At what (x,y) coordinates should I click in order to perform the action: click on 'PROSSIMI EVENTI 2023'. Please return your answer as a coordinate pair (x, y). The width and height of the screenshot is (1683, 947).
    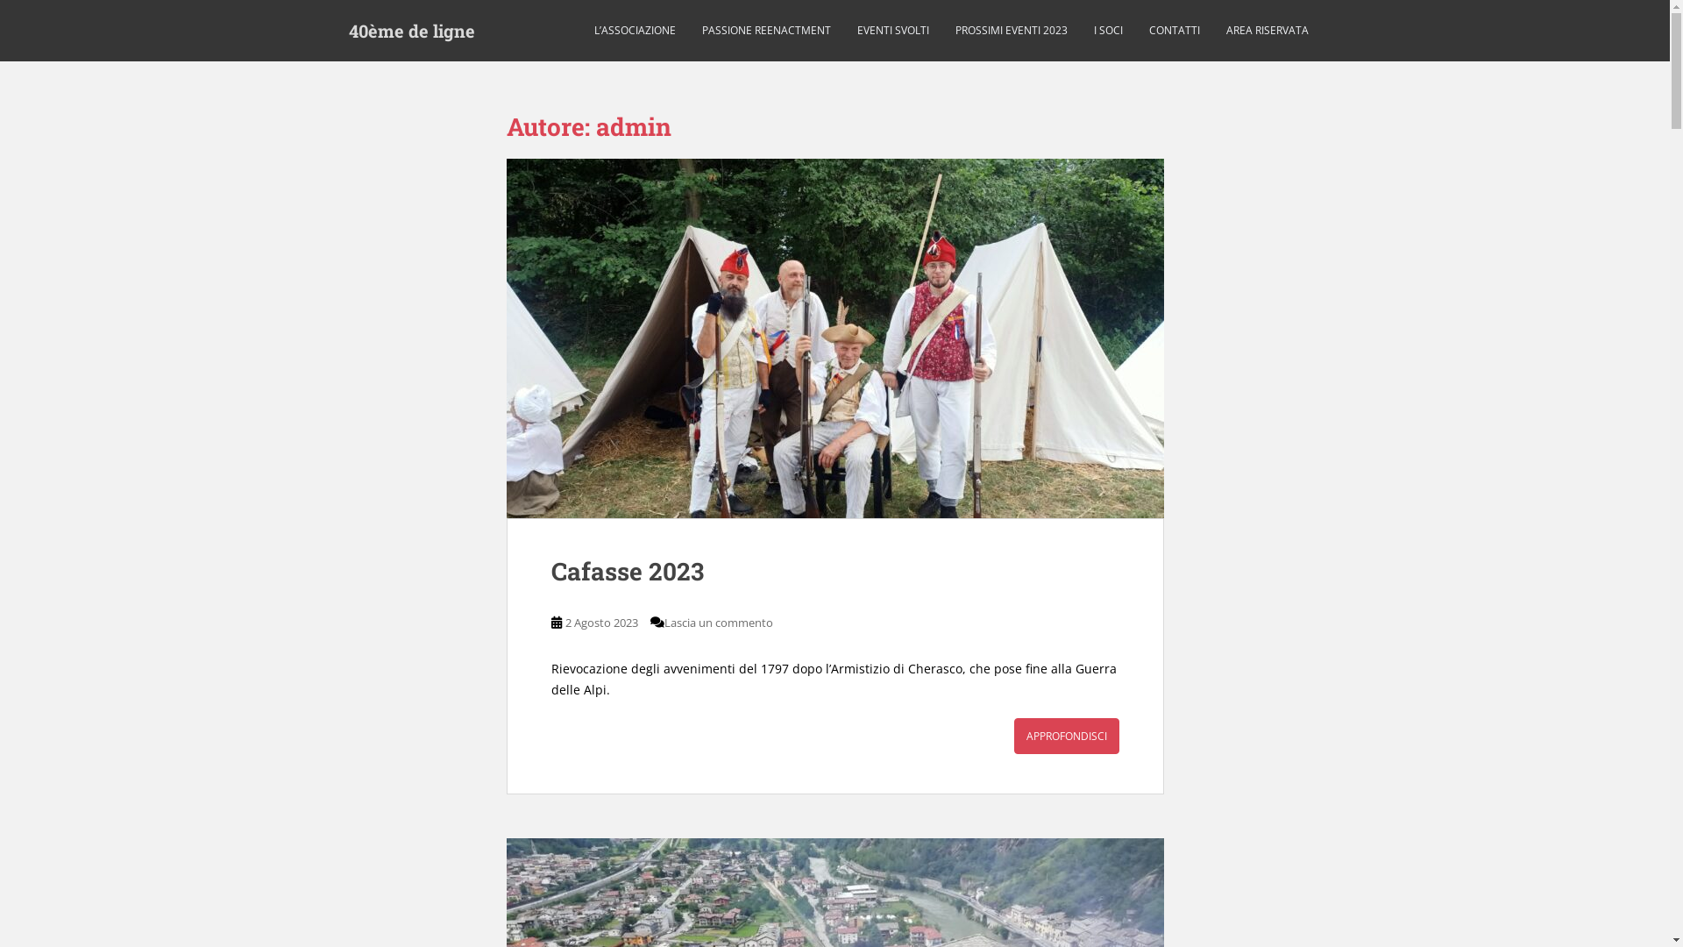
    Looking at the image, I should click on (1011, 30).